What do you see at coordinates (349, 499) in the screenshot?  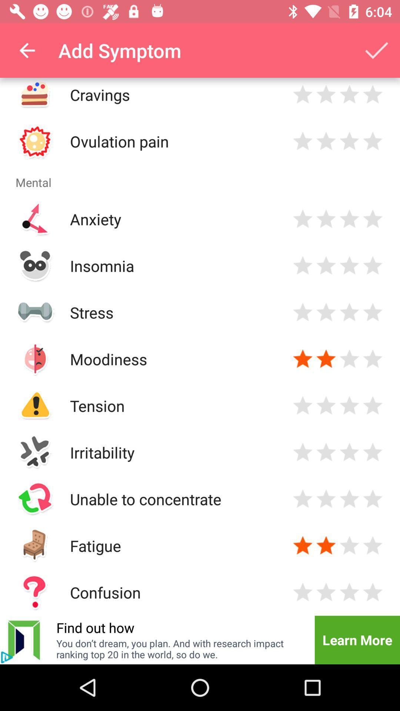 I see `rate three stars` at bounding box center [349, 499].